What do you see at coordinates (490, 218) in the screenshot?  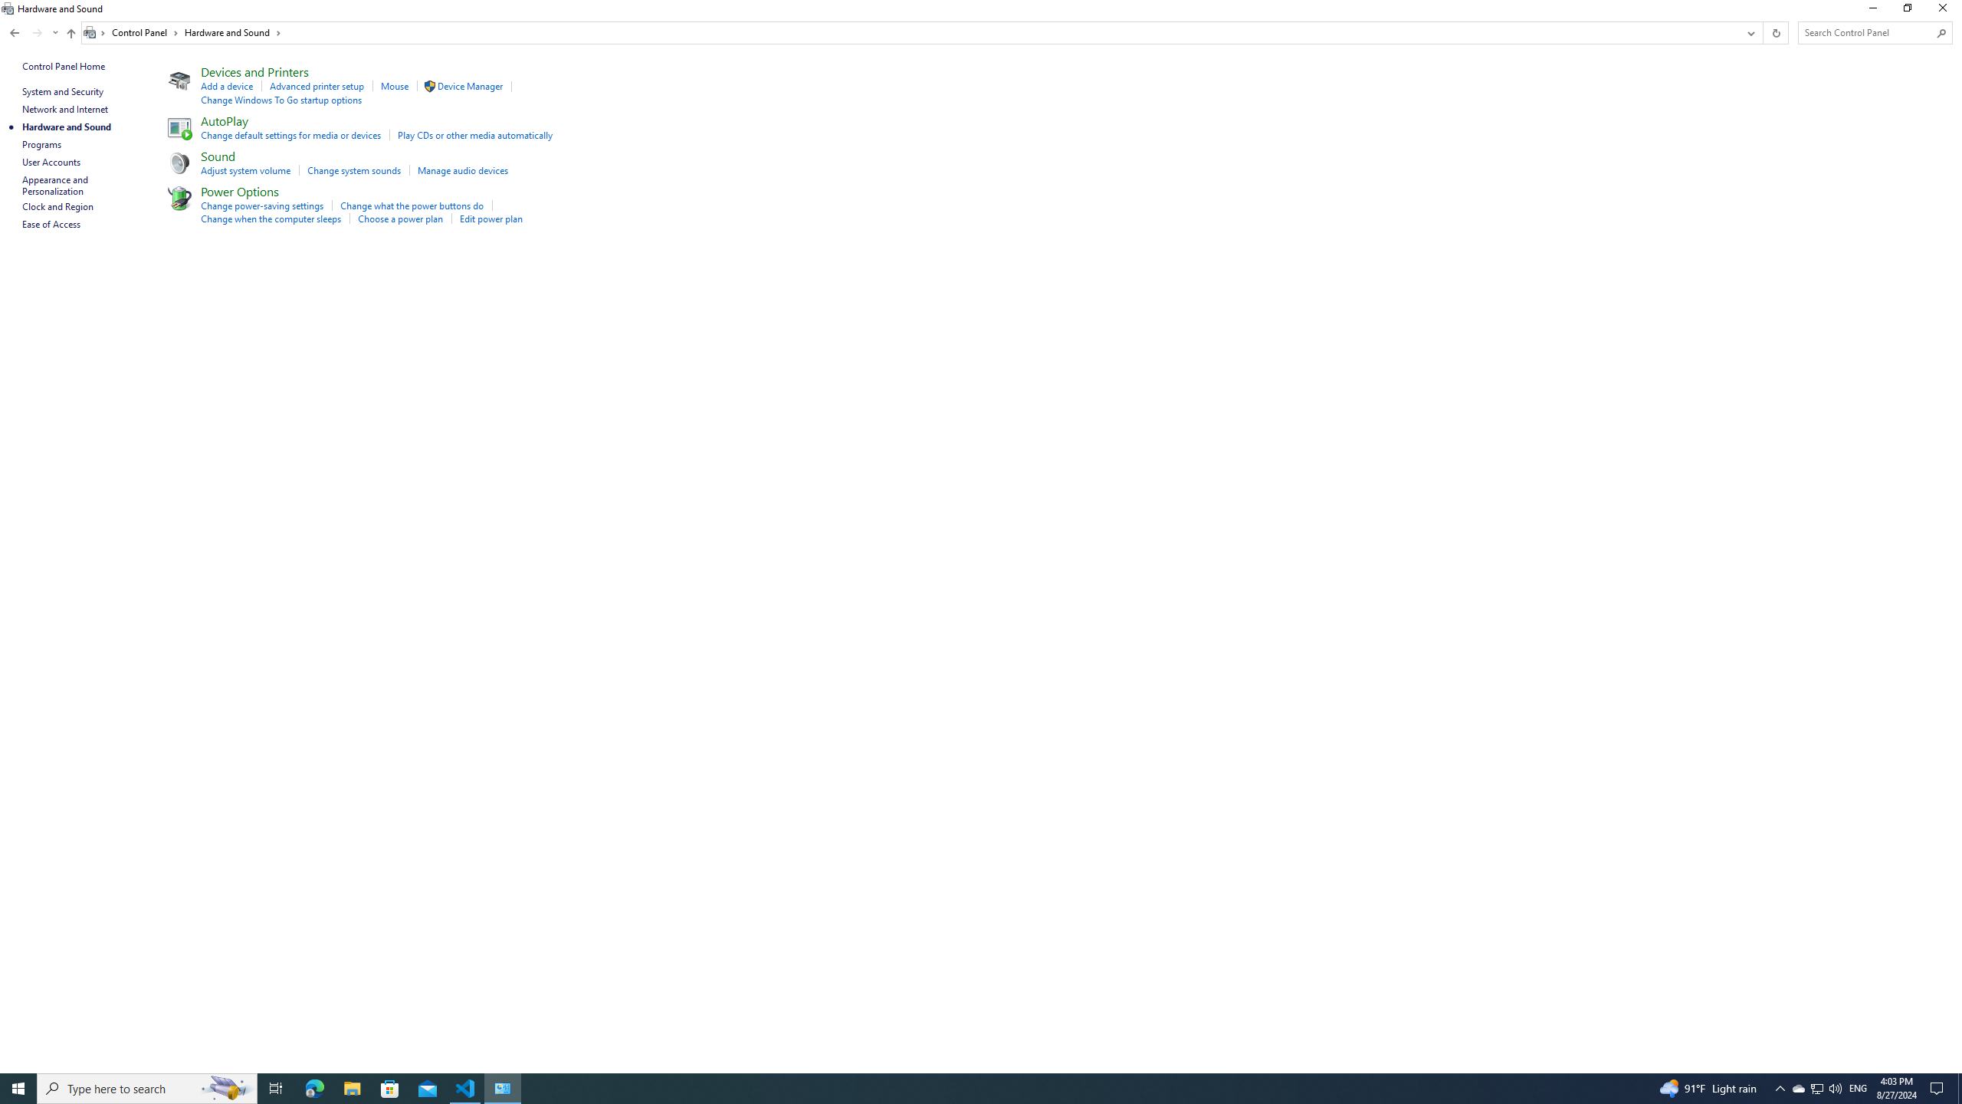 I see `'Edit power plan'` at bounding box center [490, 218].